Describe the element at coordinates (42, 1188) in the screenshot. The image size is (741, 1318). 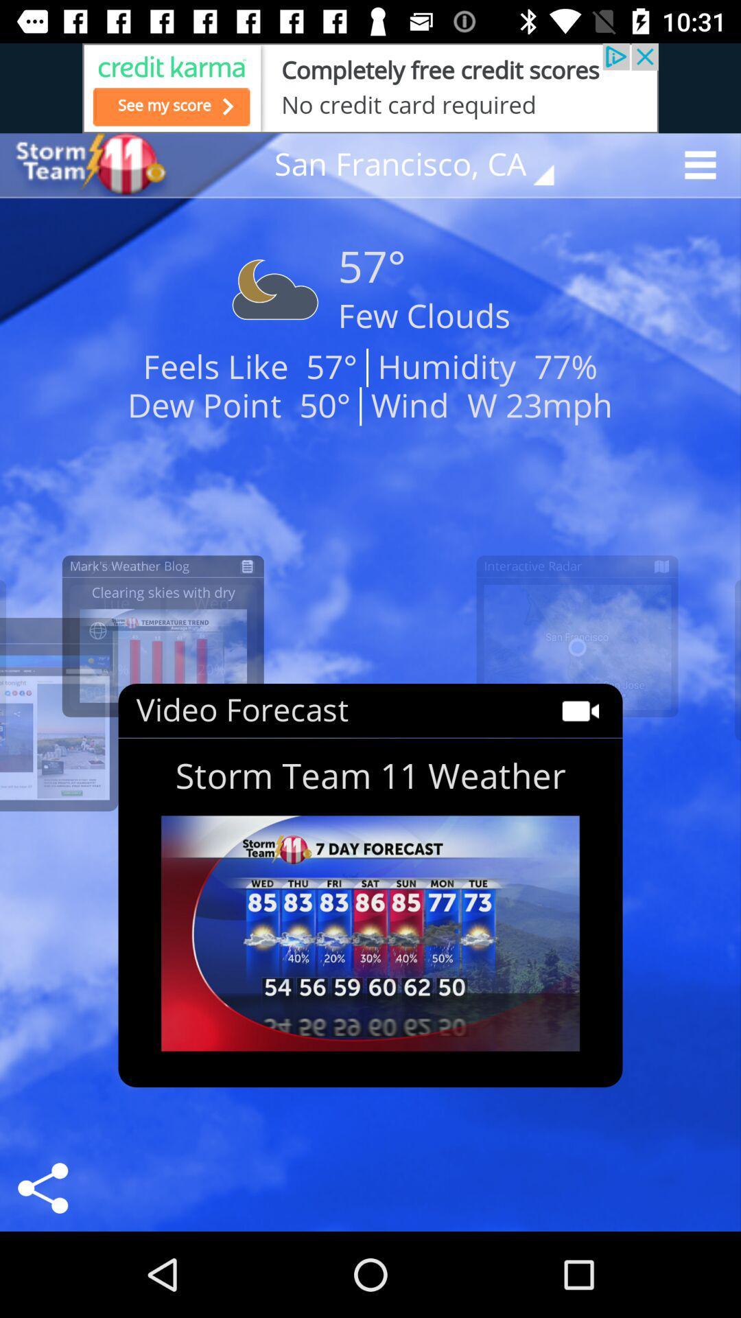
I see `the share icon` at that location.